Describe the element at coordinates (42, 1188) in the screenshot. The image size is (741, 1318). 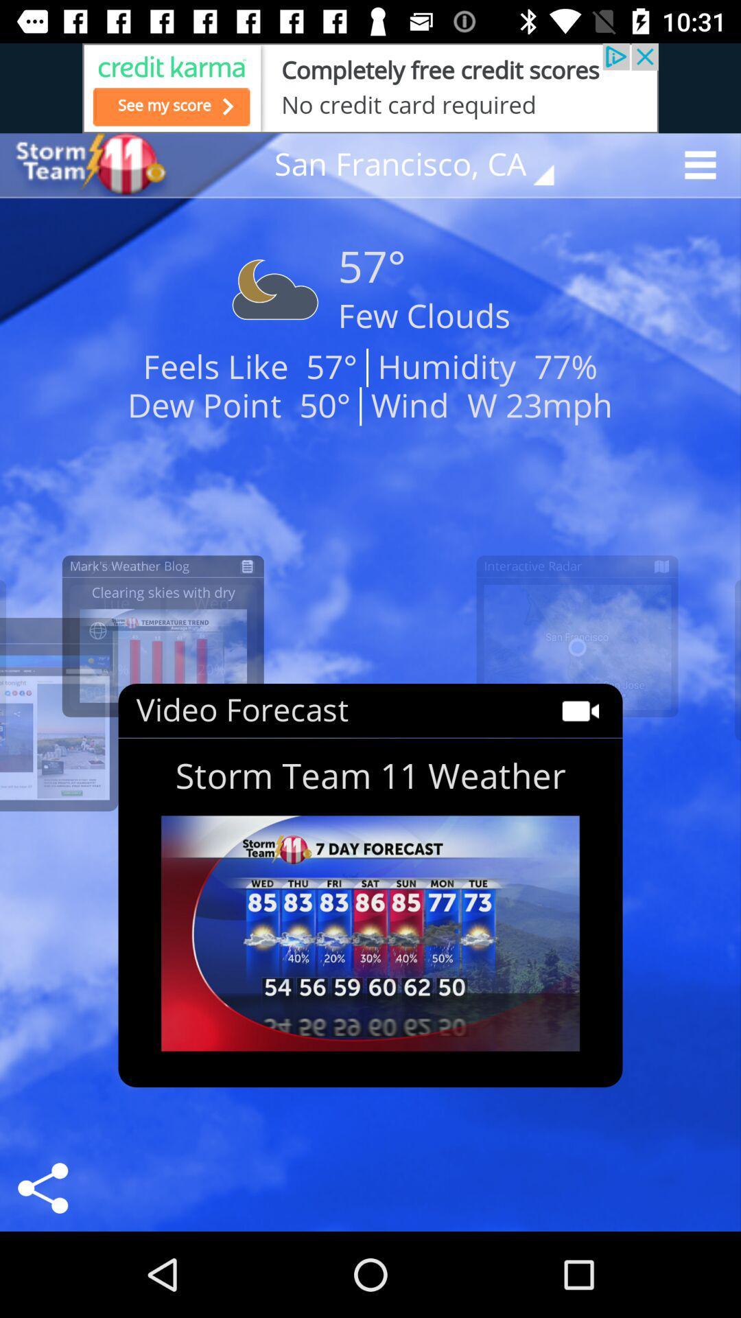
I see `the share icon` at that location.